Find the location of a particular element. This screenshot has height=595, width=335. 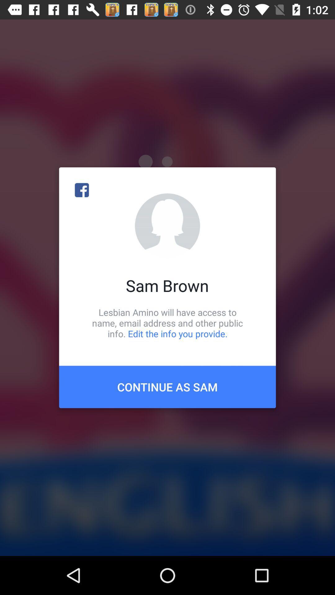

the icon below the lesbian amino will icon is located at coordinates (167, 386).